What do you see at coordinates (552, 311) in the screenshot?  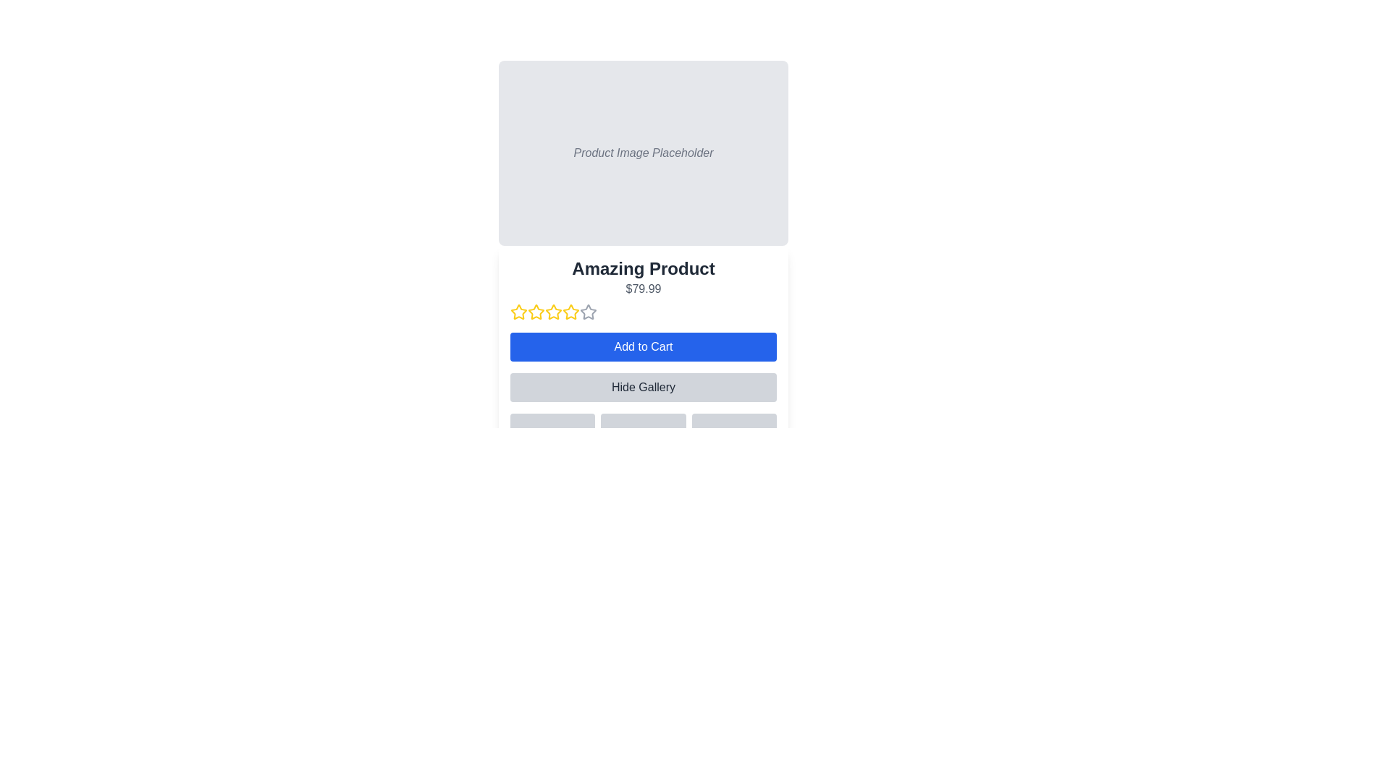 I see `the third yellow star icon in the star rating component below the text 'Amazing Product' and '$79.99' to rate it` at bounding box center [552, 311].